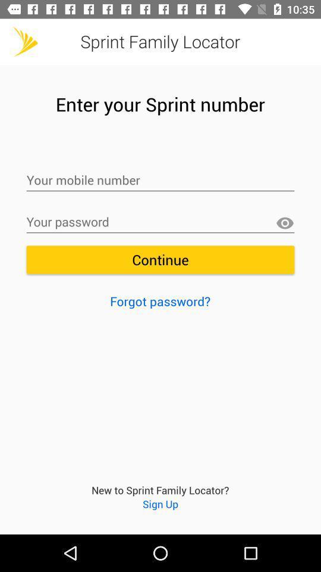  I want to click on continue icon, so click(160, 260).